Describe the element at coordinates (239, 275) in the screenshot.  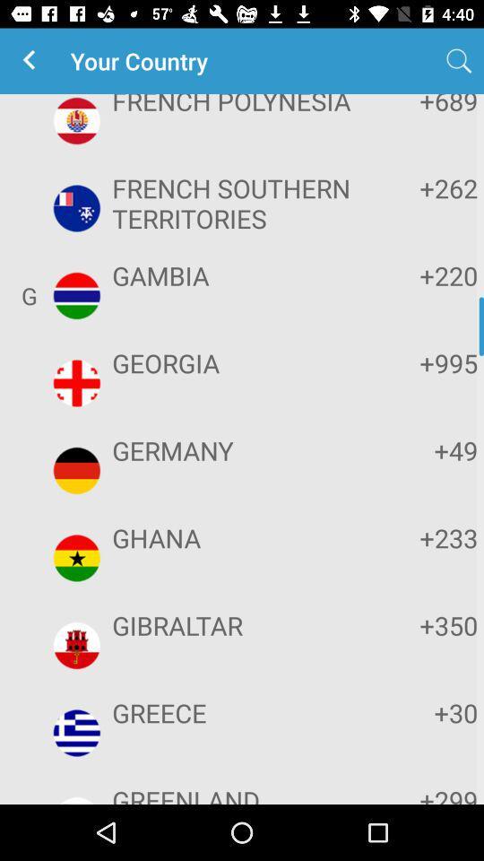
I see `the item to the left of the +220` at that location.